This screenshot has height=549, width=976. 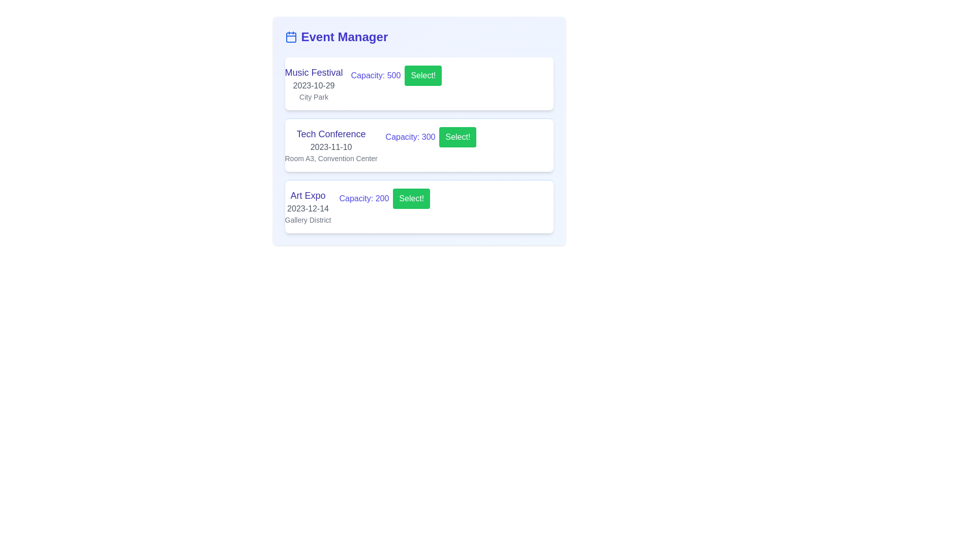 I want to click on the non-interactive text label displaying 'City Park', which is positioned below the event title 'Music Festival' and the date '2023-10-29' in the first event card of the 'Event Manager' section, so click(x=313, y=97).